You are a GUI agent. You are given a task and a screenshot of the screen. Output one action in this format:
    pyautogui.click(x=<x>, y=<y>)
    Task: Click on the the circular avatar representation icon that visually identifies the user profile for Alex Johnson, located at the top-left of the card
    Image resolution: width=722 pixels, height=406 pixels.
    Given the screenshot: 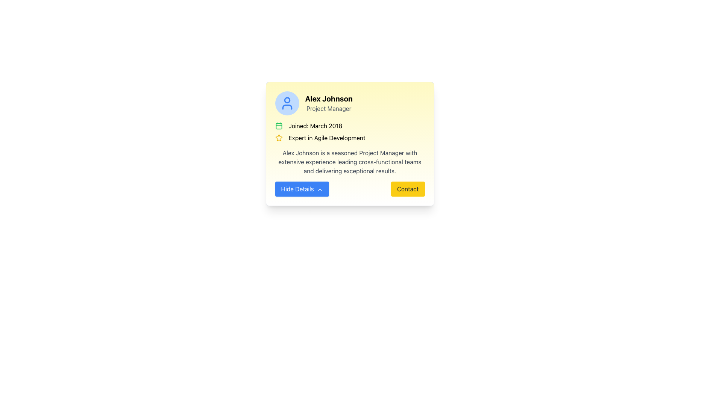 What is the action you would take?
    pyautogui.click(x=287, y=103)
    